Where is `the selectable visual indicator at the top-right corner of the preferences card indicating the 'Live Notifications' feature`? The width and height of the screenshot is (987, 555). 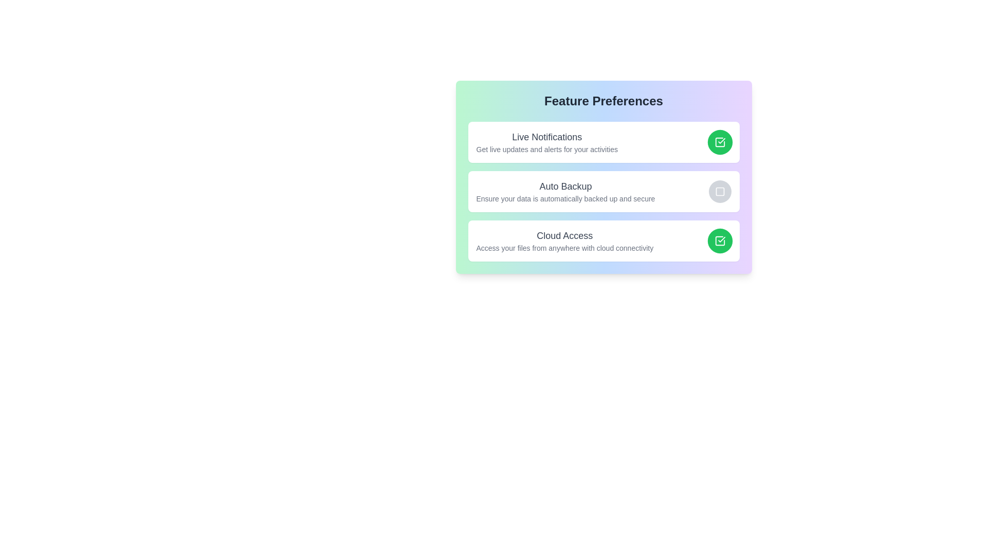 the selectable visual indicator at the top-right corner of the preferences card indicating the 'Live Notifications' feature is located at coordinates (719, 142).